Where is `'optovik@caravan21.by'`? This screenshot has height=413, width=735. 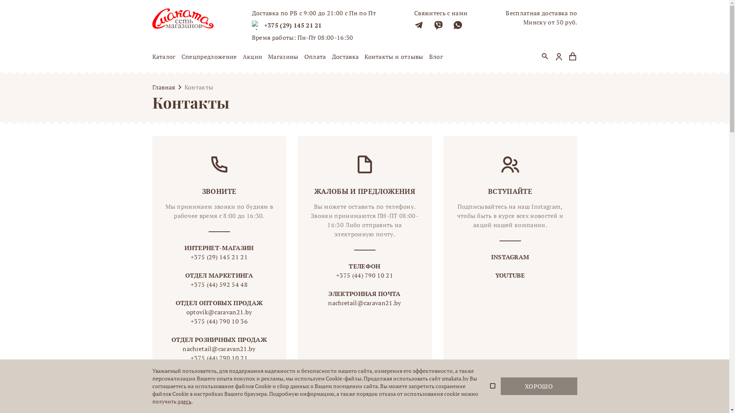 'optovik@caravan21.by' is located at coordinates (171, 312).